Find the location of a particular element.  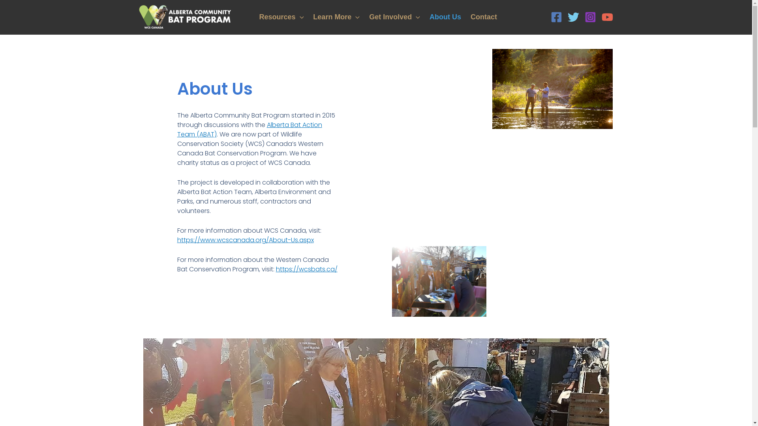

'https://www.wcscanada.org/About-Us.aspx' is located at coordinates (245, 239).